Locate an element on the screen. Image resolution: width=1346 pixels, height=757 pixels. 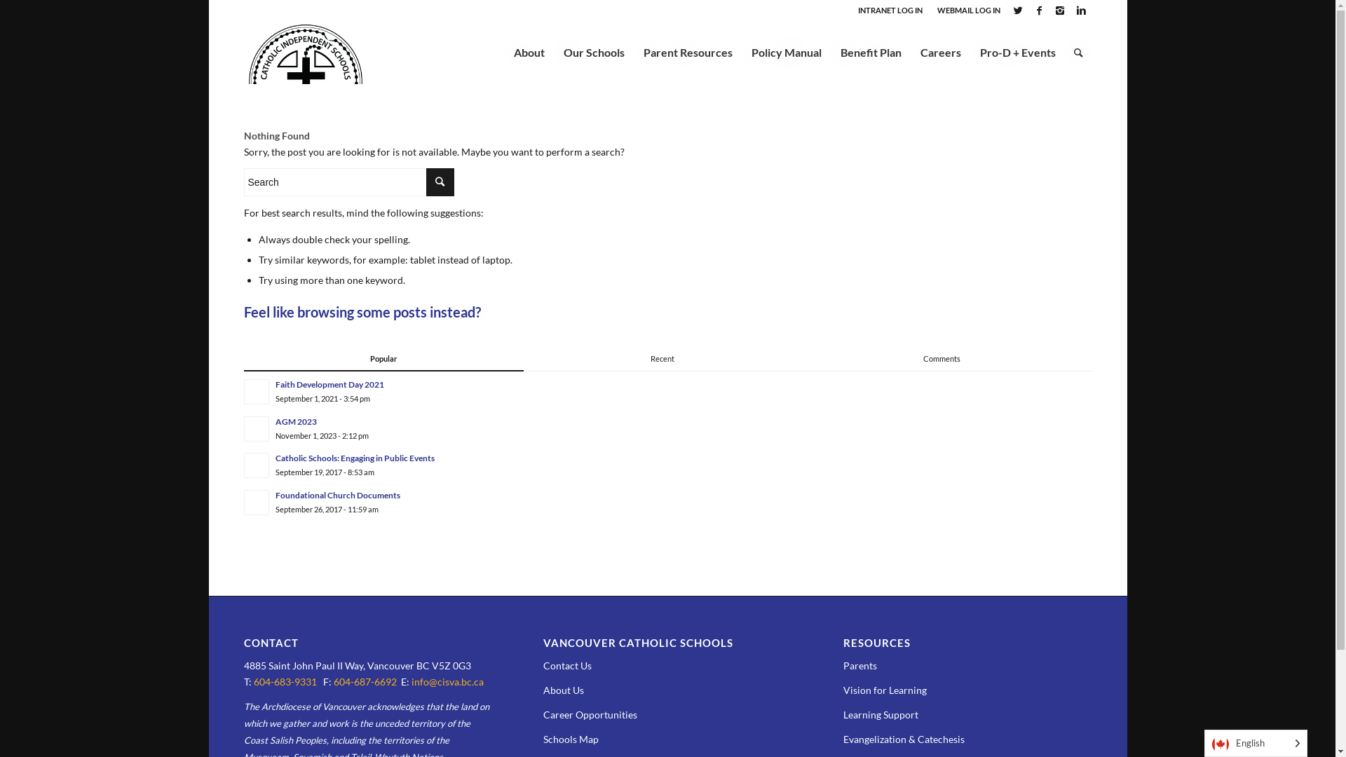
'INTRANET LOG IN' is located at coordinates (857, 10).